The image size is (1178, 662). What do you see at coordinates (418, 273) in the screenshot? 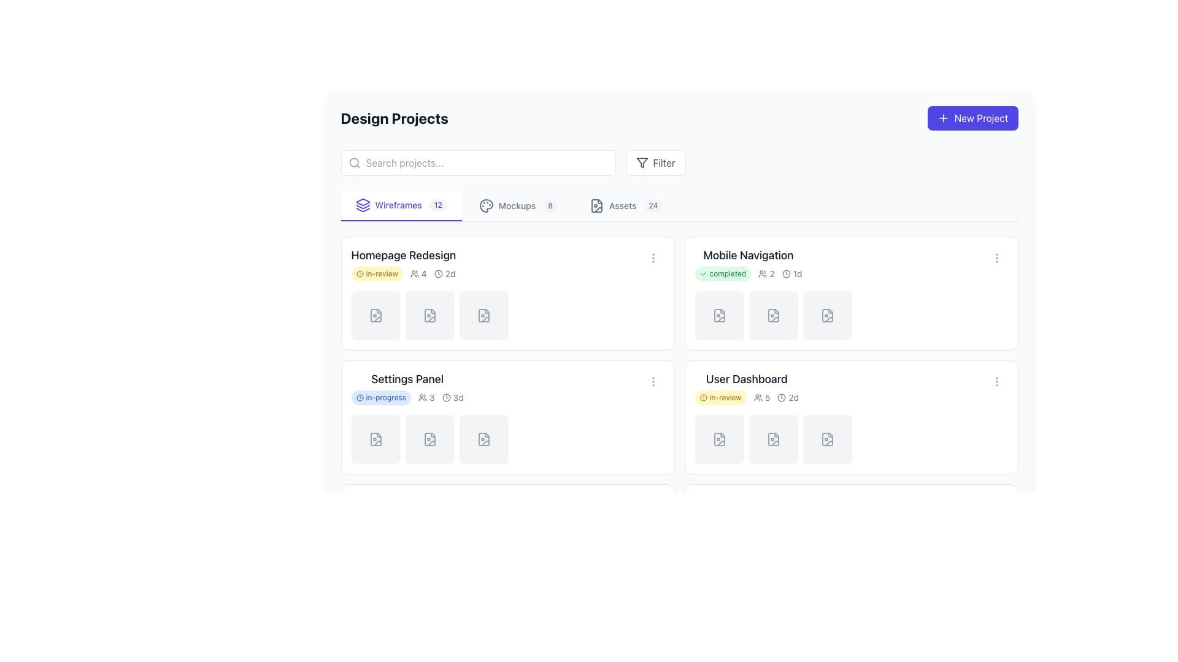
I see `numerical value displayed in the 'in-review' row, which indicates the count of individuals associated with the nearby group icon` at bounding box center [418, 273].